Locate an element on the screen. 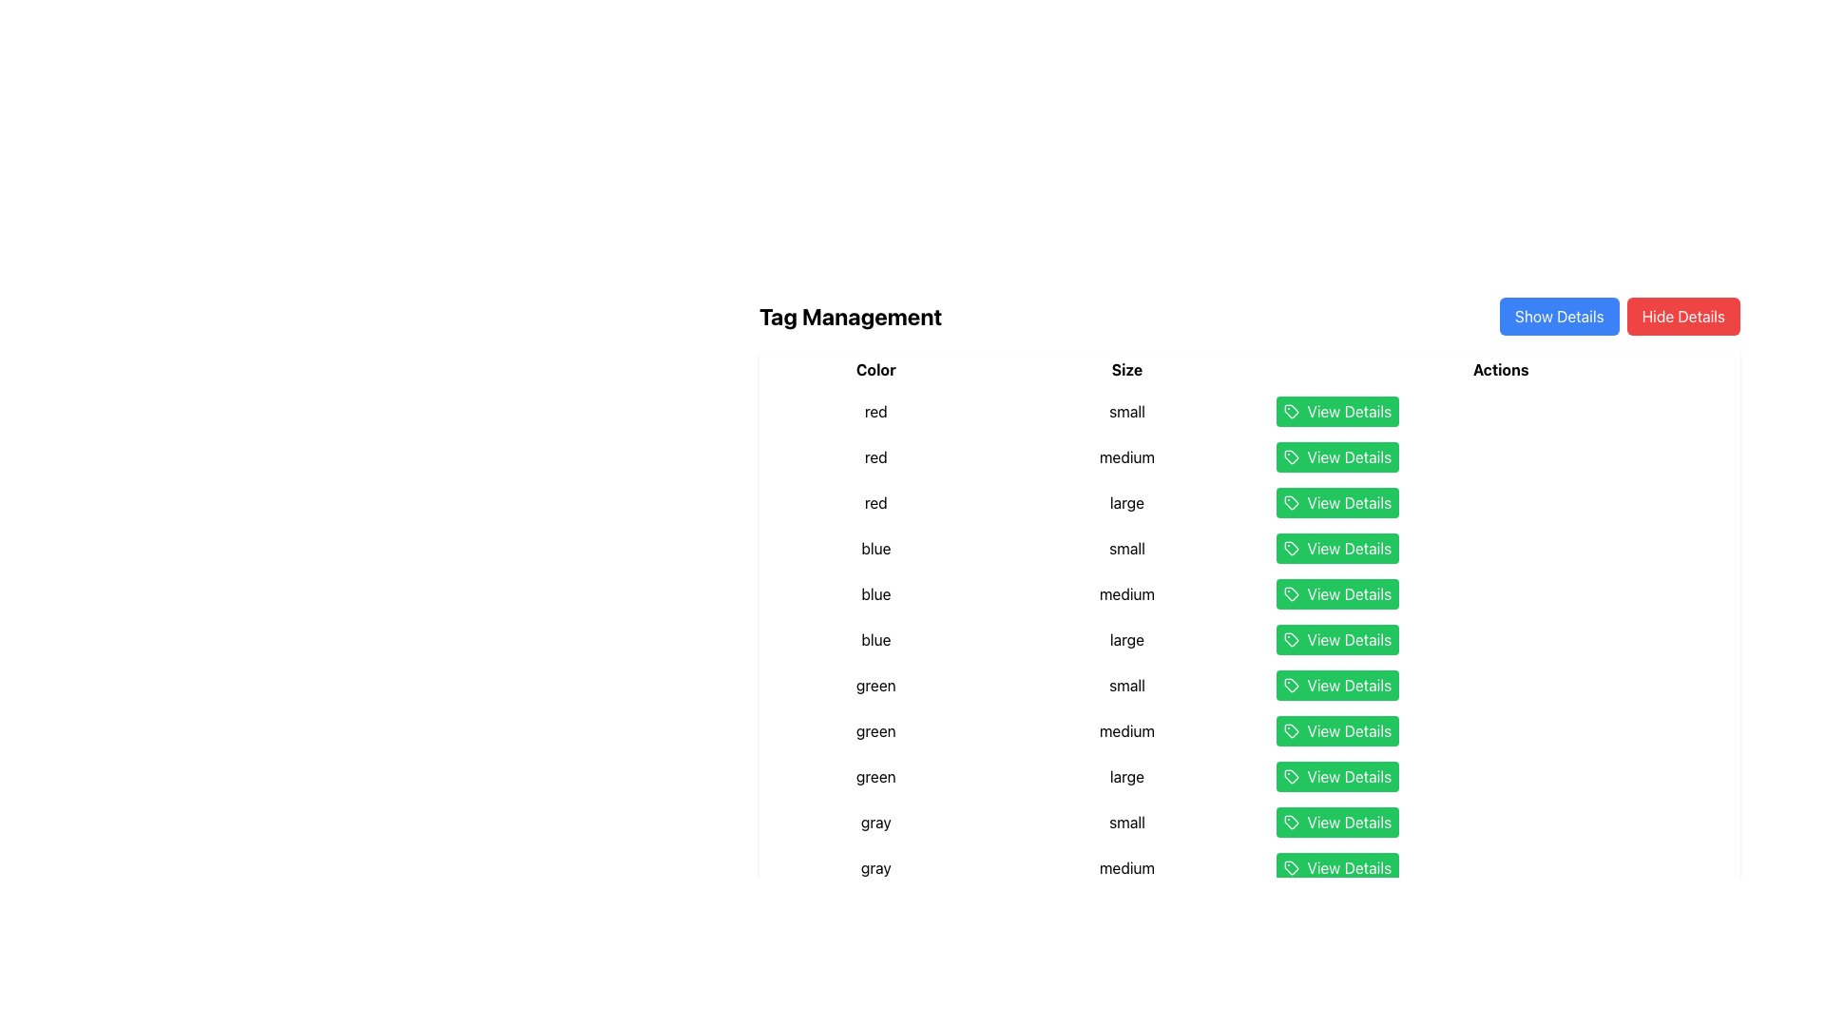  the 'View Details' button in the second row of the table under the 'Actions' column is located at coordinates (1250, 457).